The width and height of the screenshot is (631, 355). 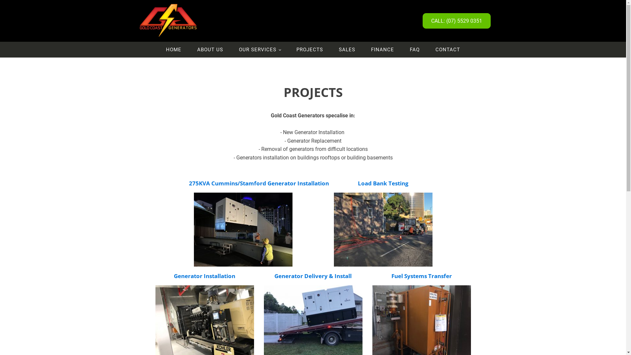 What do you see at coordinates (427, 49) in the screenshot?
I see `'CONTACT'` at bounding box center [427, 49].